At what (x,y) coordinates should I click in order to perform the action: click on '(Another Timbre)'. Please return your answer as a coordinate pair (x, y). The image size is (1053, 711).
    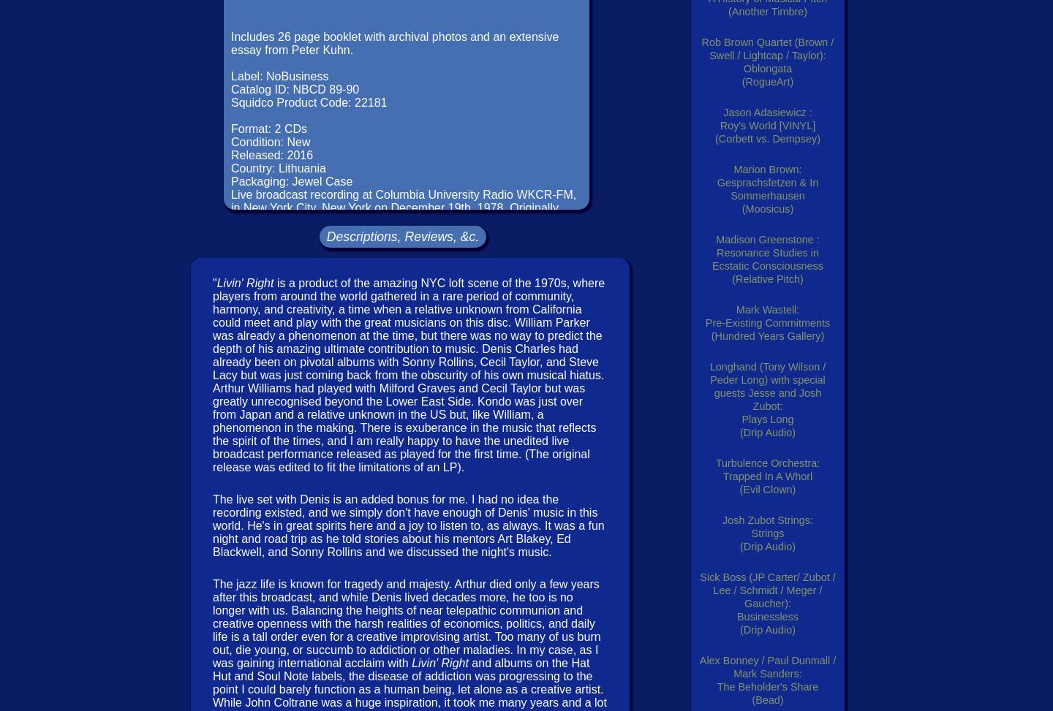
    Looking at the image, I should click on (767, 11).